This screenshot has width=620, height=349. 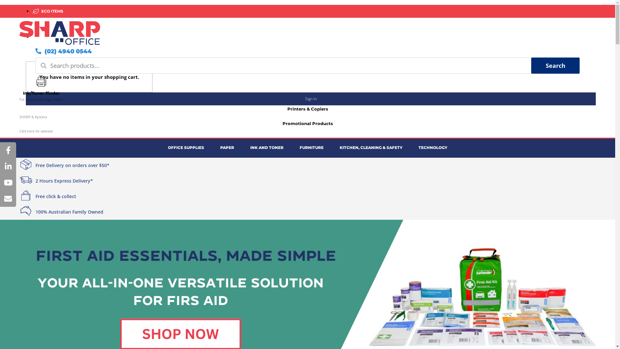 I want to click on '(02) 4940 0544', so click(x=63, y=51).